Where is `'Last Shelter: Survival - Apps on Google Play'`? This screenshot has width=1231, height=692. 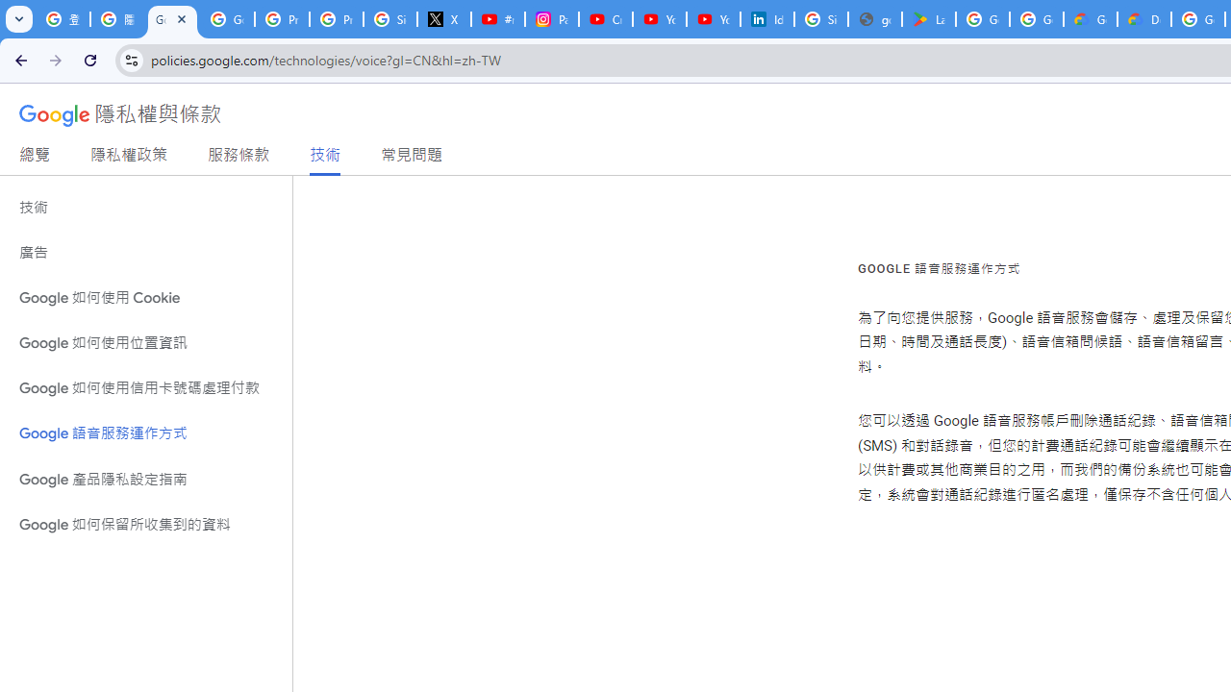 'Last Shelter: Survival - Apps on Google Play' is located at coordinates (929, 19).